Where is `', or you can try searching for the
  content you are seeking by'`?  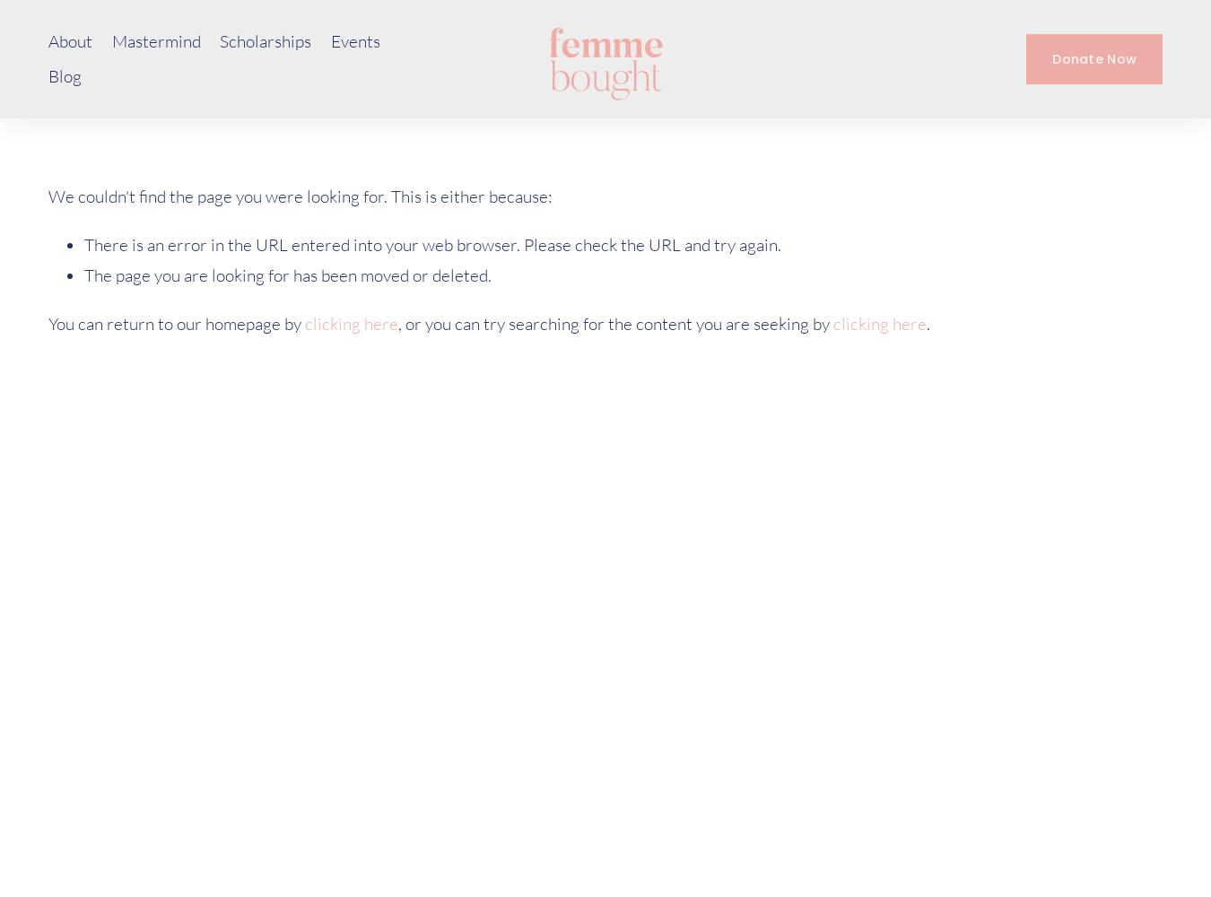 ', or you can try searching for the
  content you are seeking by' is located at coordinates (614, 323).